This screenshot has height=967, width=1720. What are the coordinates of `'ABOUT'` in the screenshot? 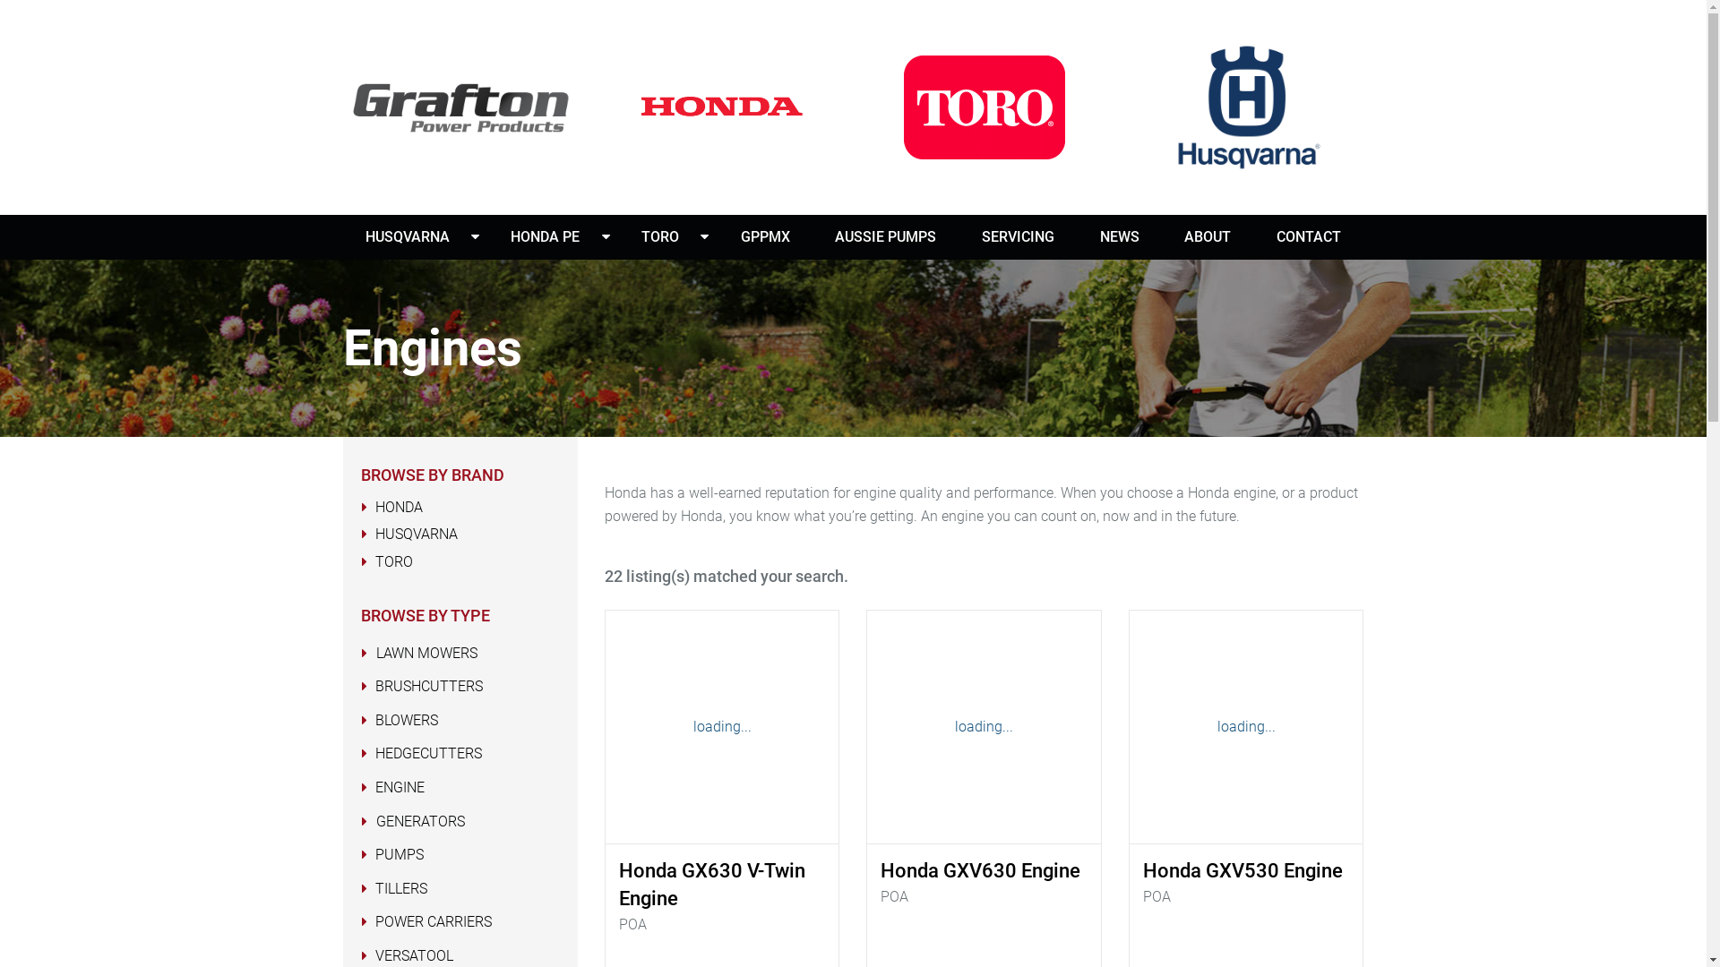 It's located at (1208, 236).